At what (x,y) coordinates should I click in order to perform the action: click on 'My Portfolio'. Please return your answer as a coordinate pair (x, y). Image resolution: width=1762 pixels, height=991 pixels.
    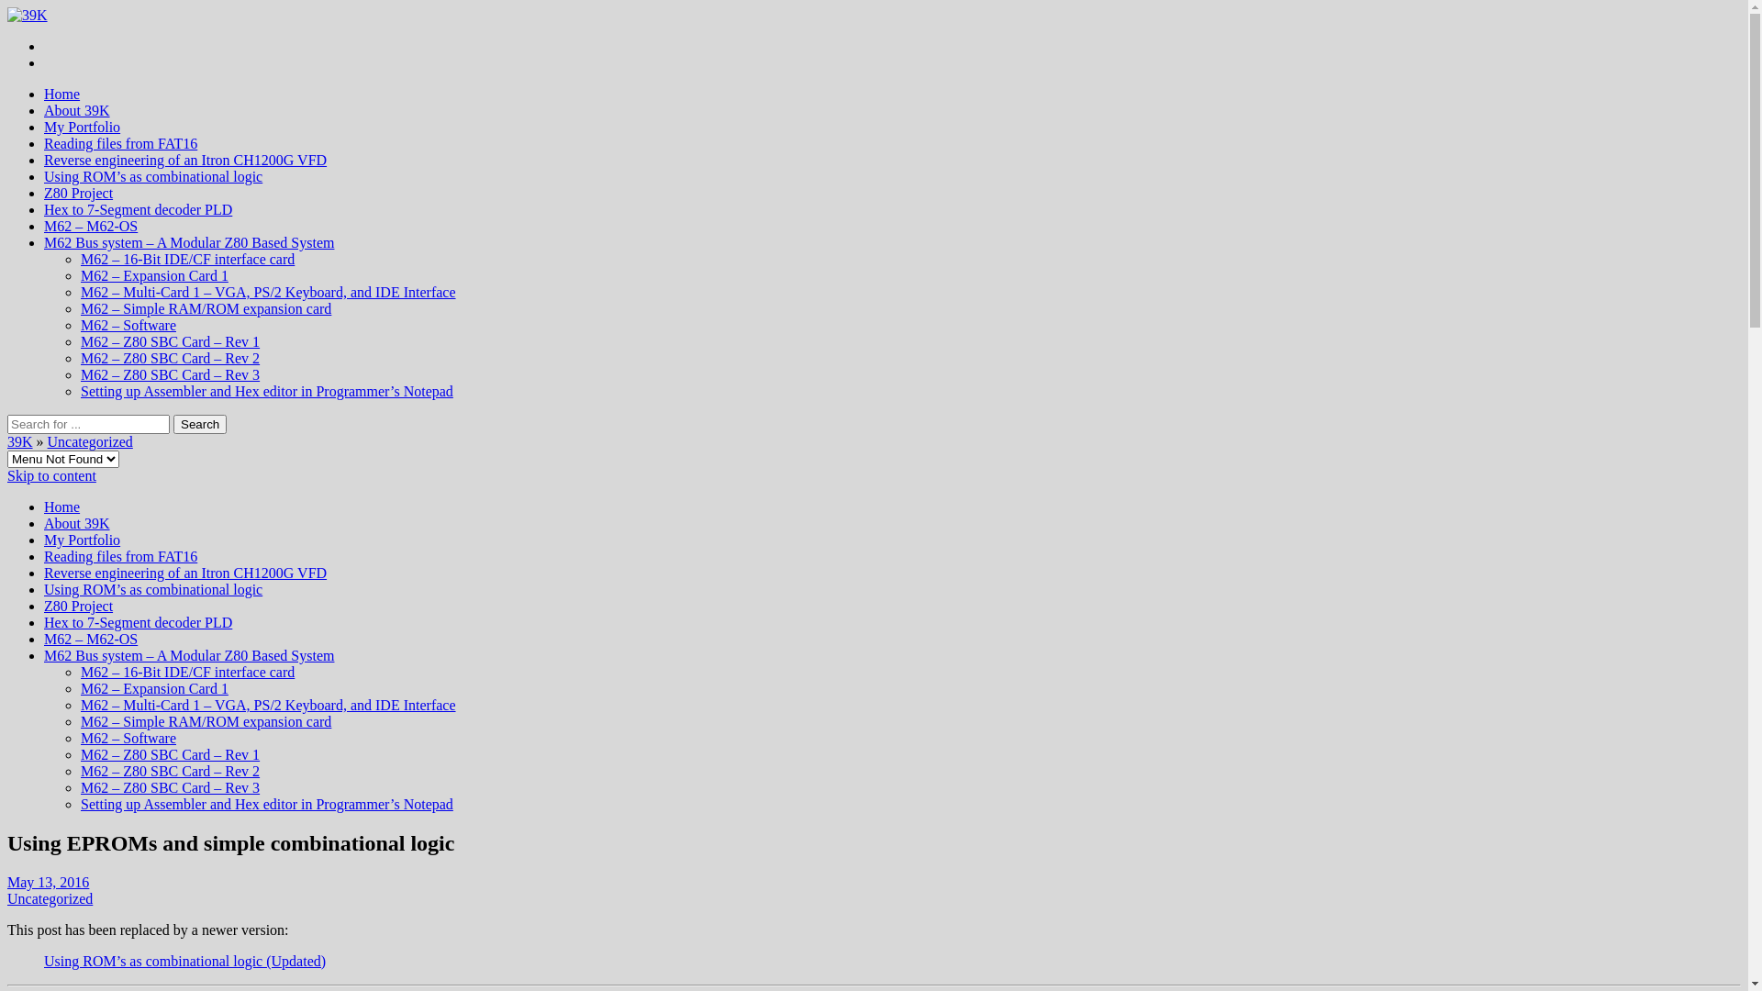
    Looking at the image, I should click on (81, 539).